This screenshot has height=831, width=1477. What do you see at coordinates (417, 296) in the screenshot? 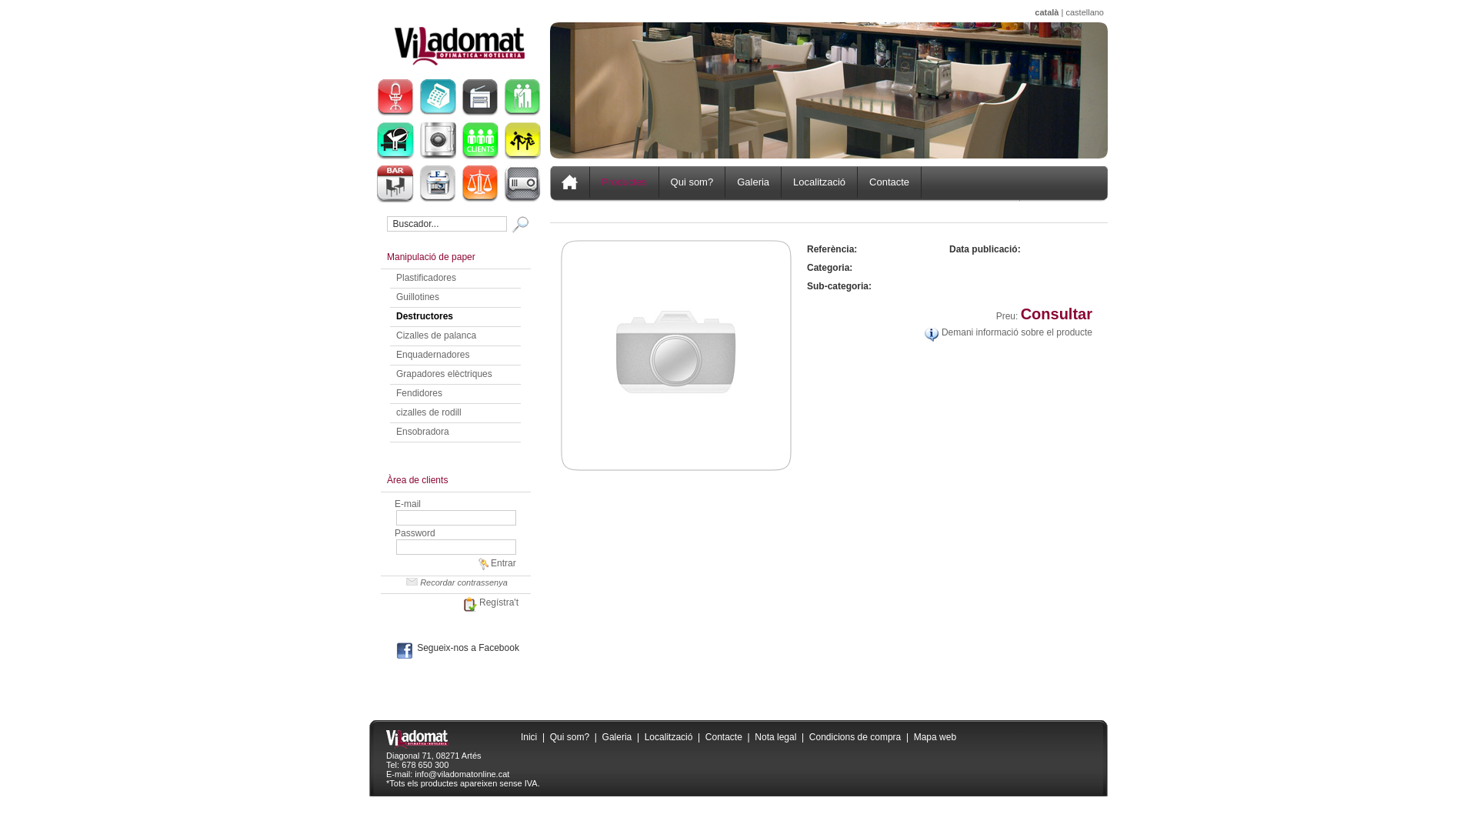
I see `'Guillotines'` at bounding box center [417, 296].